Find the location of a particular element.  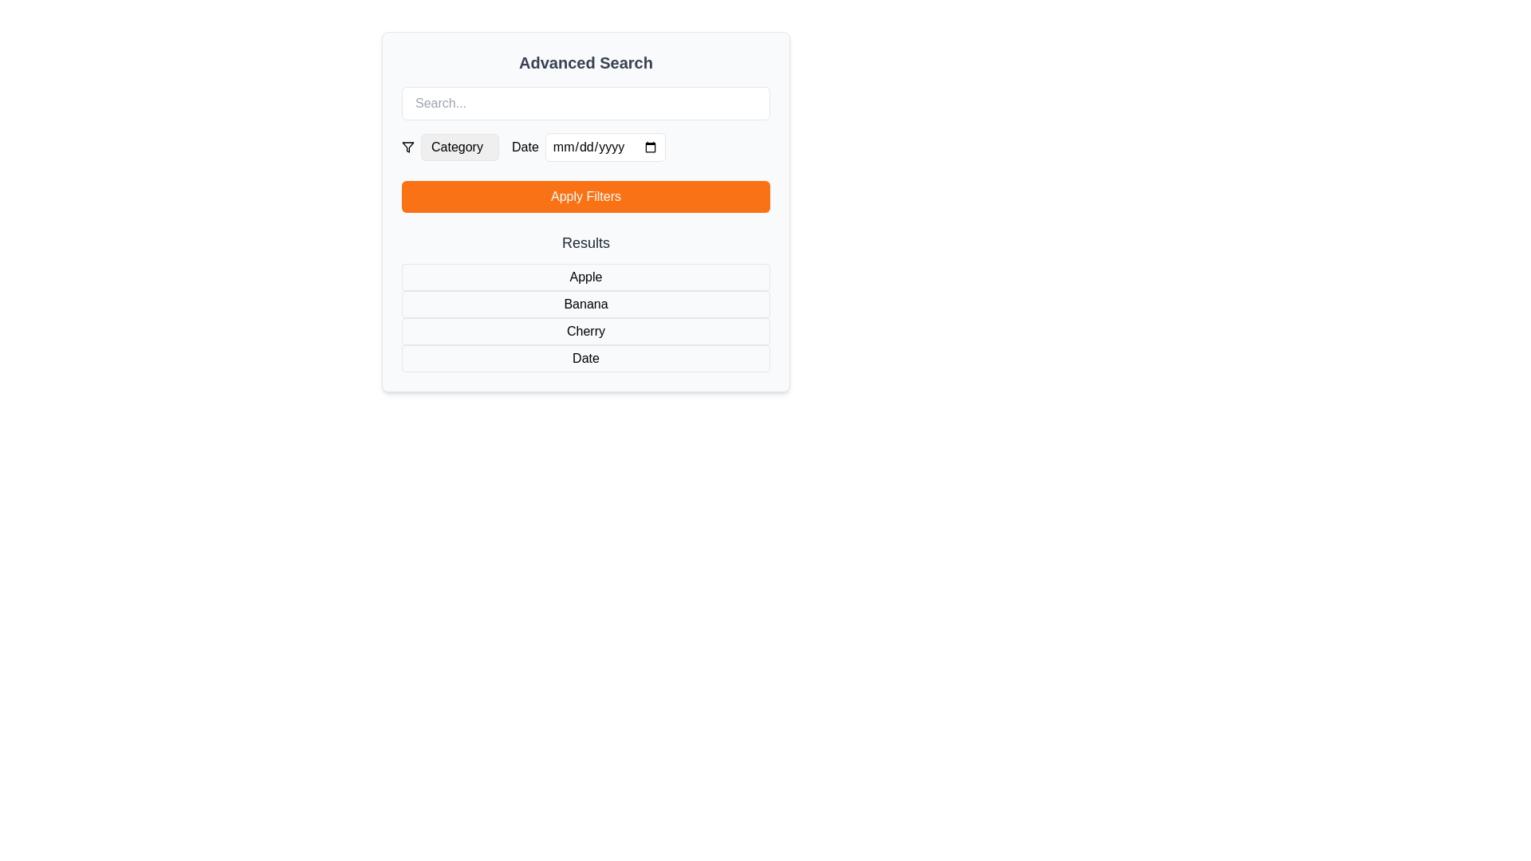

the filter funnel icon located to the left of the 'Category' text and dropdown input is located at coordinates (408, 147).